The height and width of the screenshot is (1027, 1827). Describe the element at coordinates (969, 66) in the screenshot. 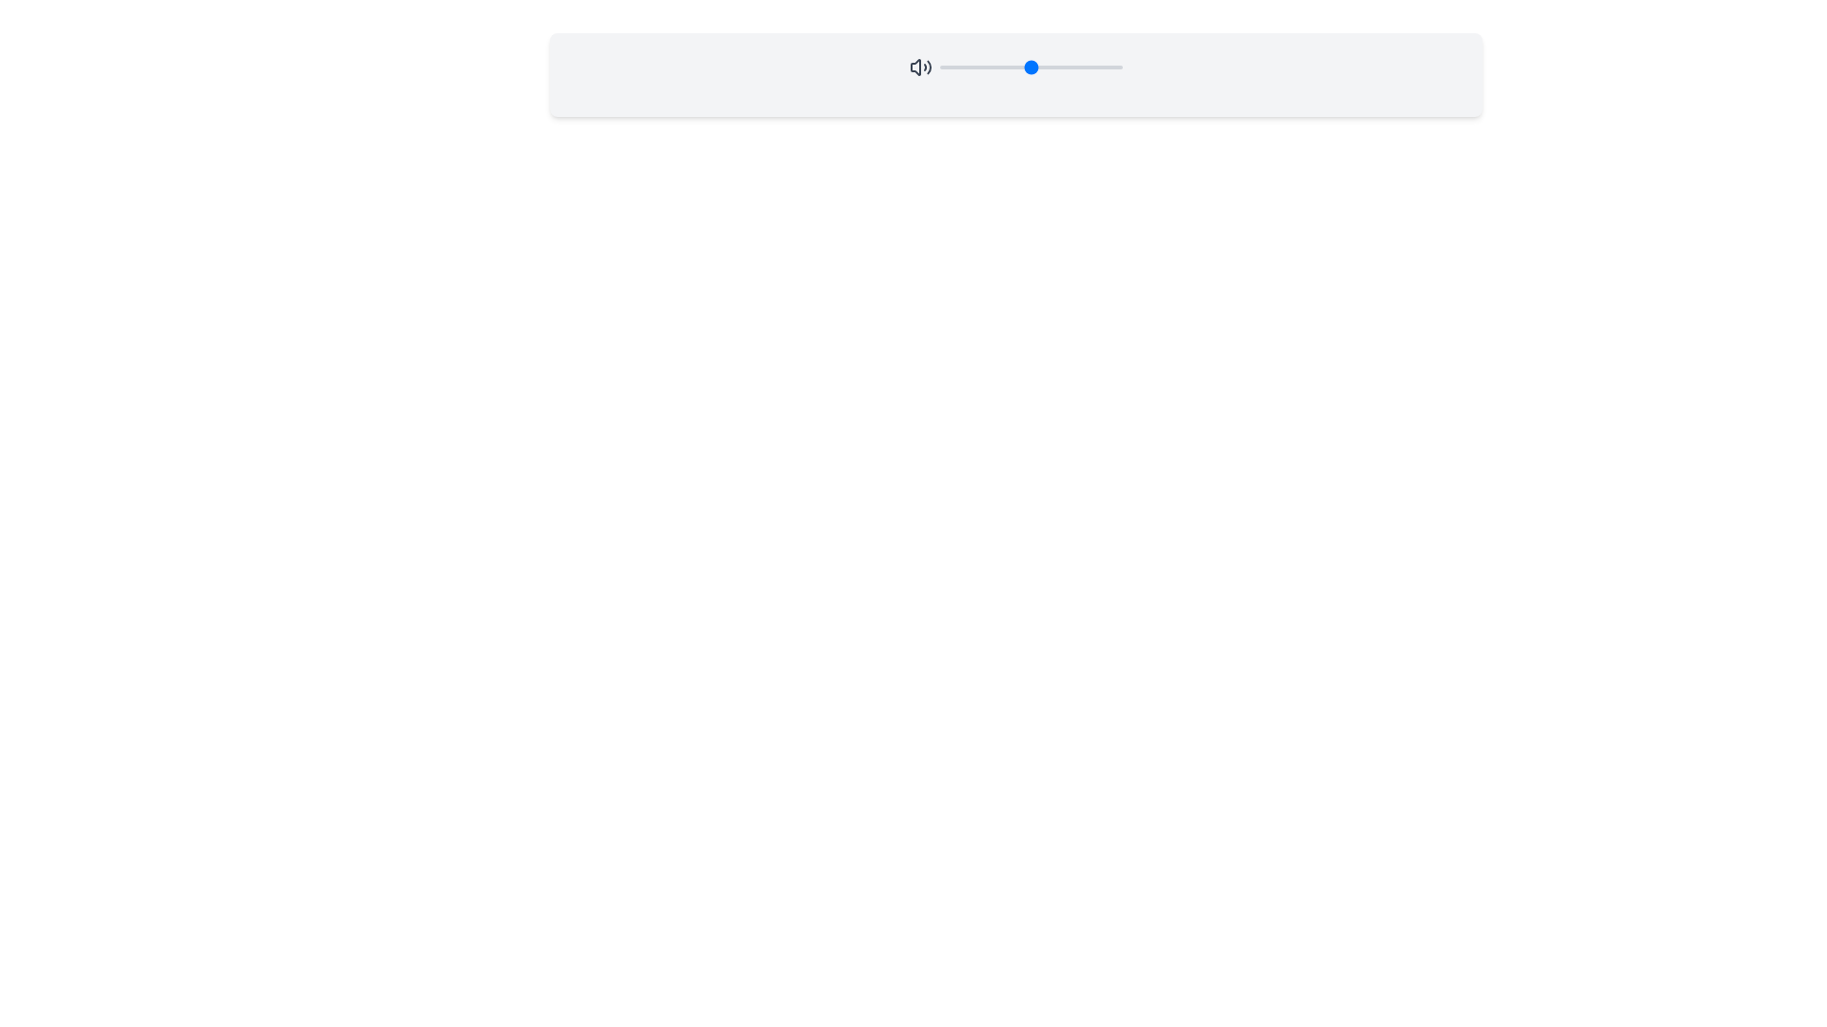

I see `the slider` at that location.